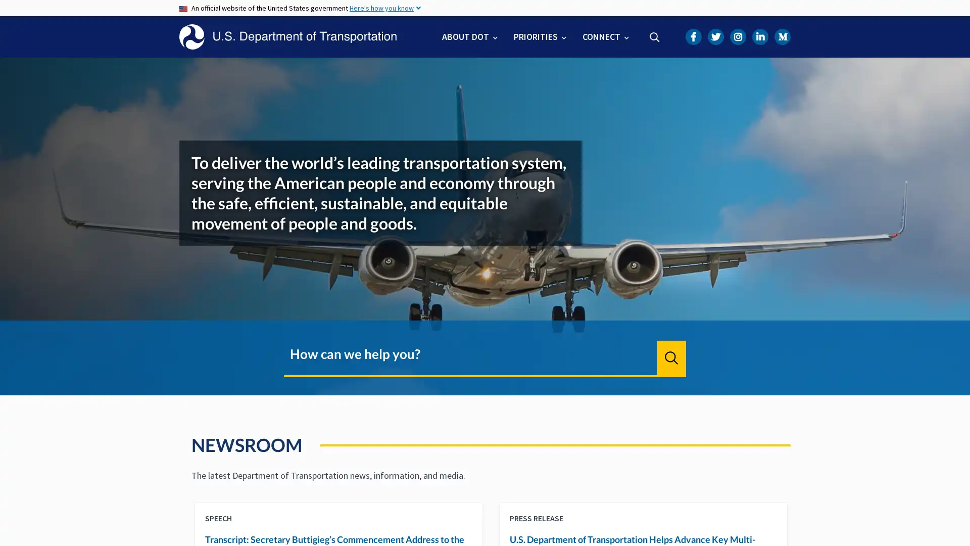 This screenshot has height=546, width=970. I want to click on Search, so click(655, 36).